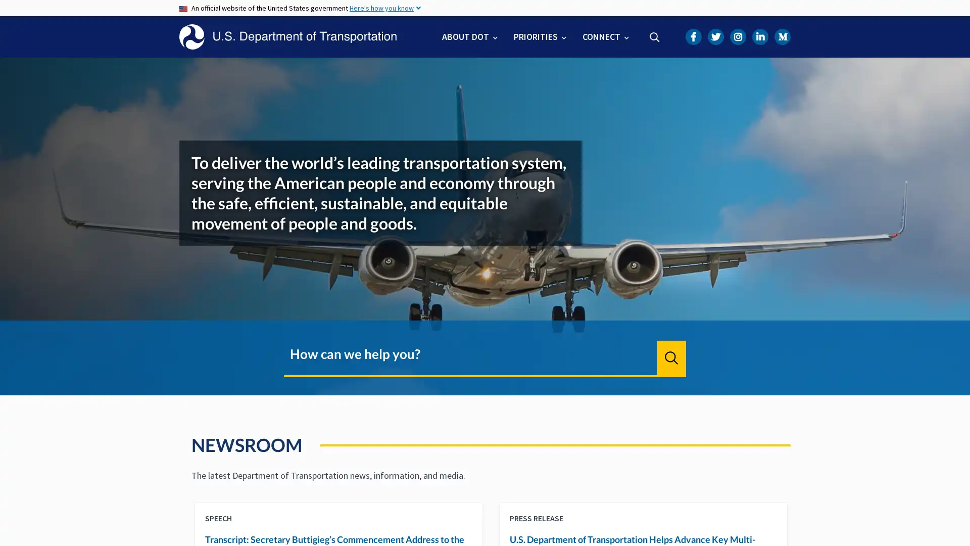 This screenshot has height=546, width=970. I want to click on Search, so click(655, 36).